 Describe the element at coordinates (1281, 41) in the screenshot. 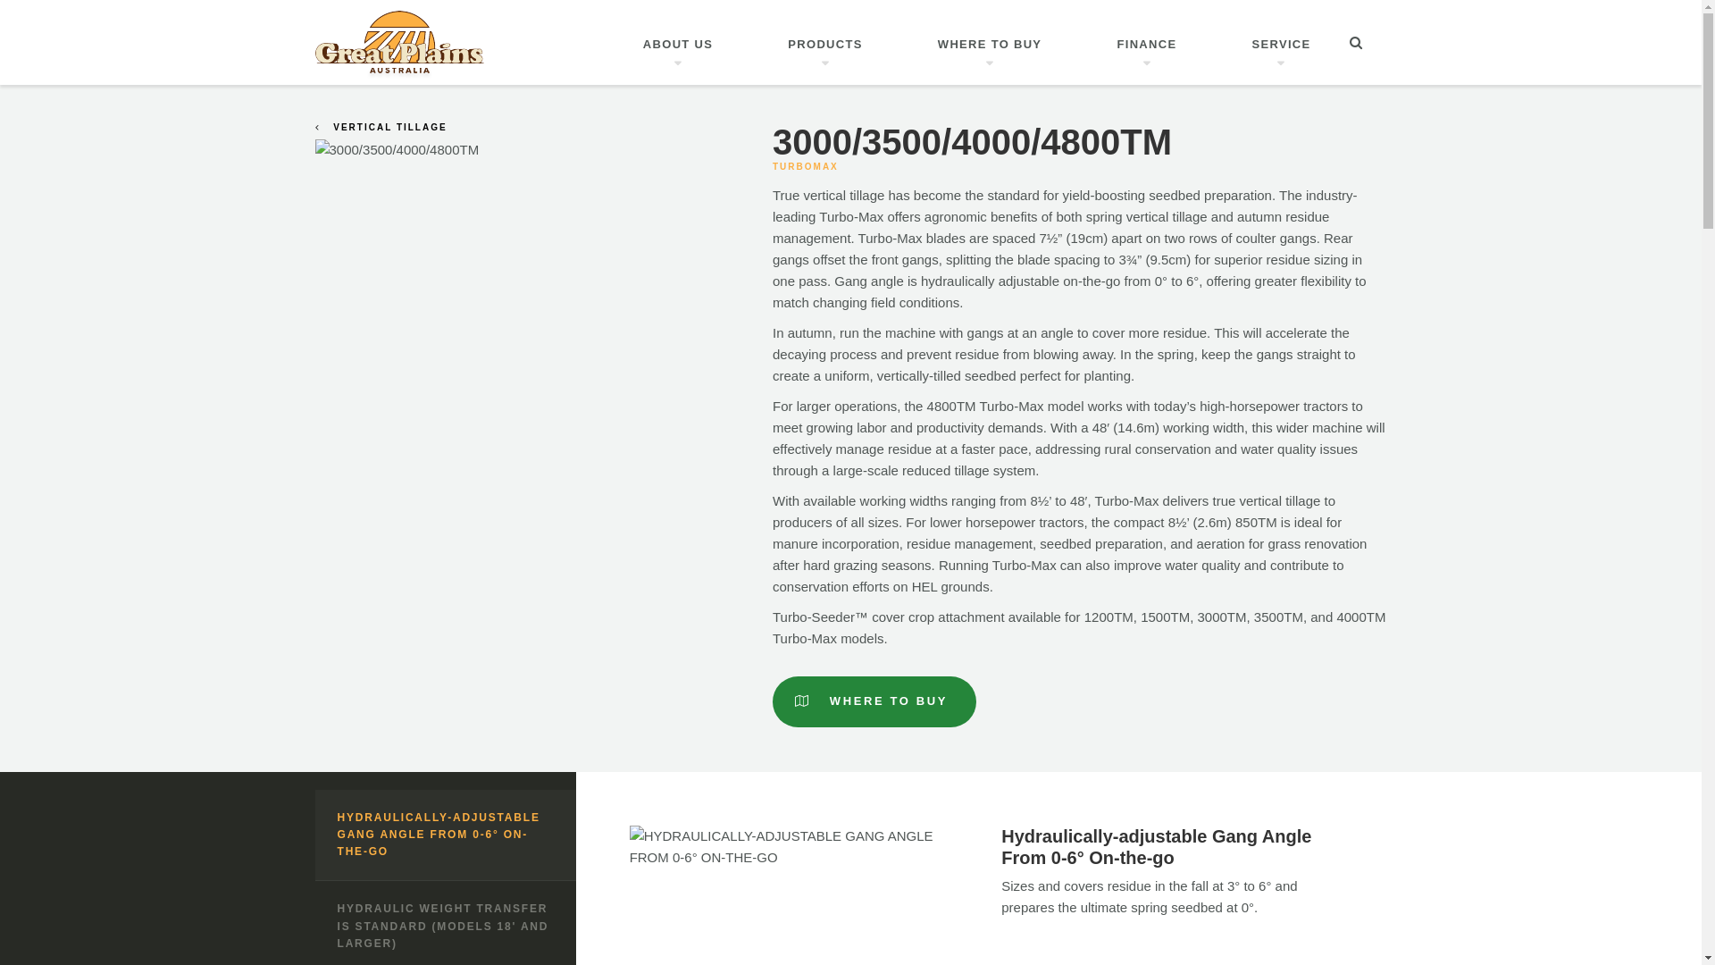

I see `'SERVICE'` at that location.